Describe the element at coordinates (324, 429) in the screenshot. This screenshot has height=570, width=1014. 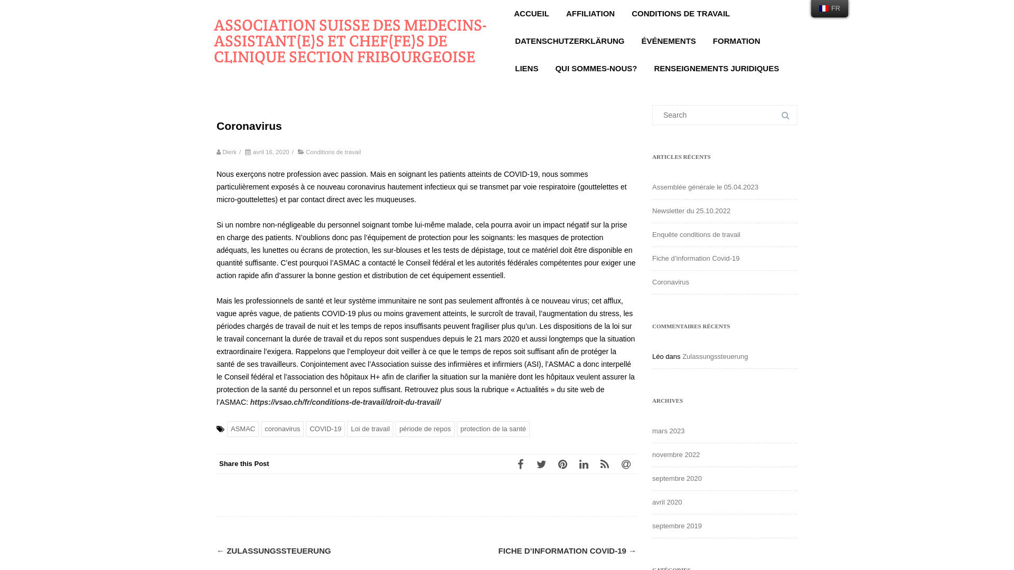
I see `'COVID-19'` at that location.